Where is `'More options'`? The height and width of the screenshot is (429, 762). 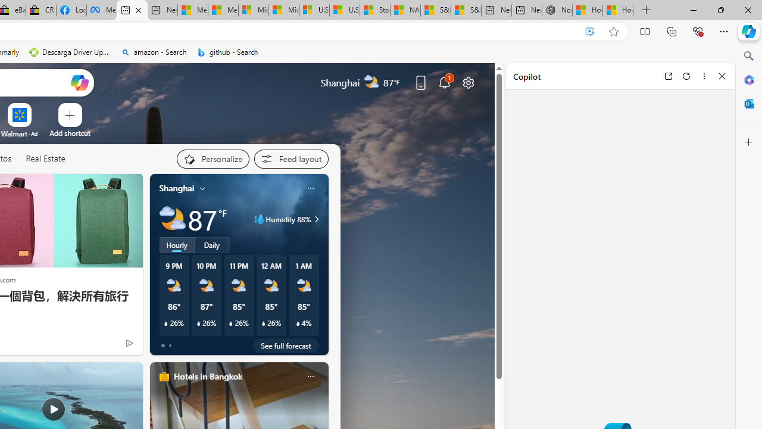 'More options' is located at coordinates (704, 76).